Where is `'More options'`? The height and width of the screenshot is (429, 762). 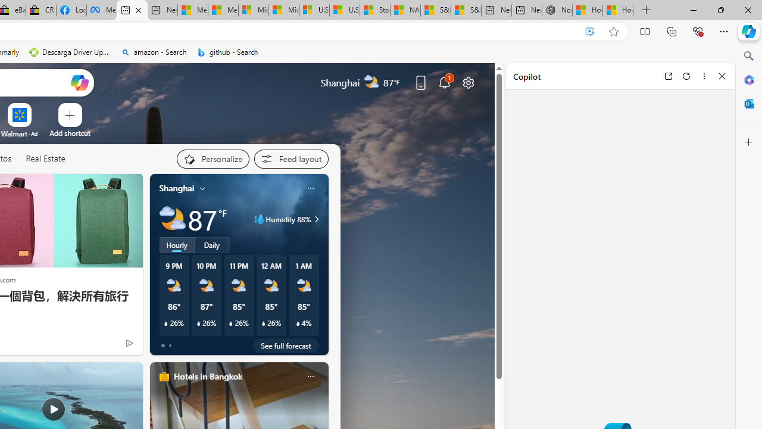 'More options' is located at coordinates (704, 76).